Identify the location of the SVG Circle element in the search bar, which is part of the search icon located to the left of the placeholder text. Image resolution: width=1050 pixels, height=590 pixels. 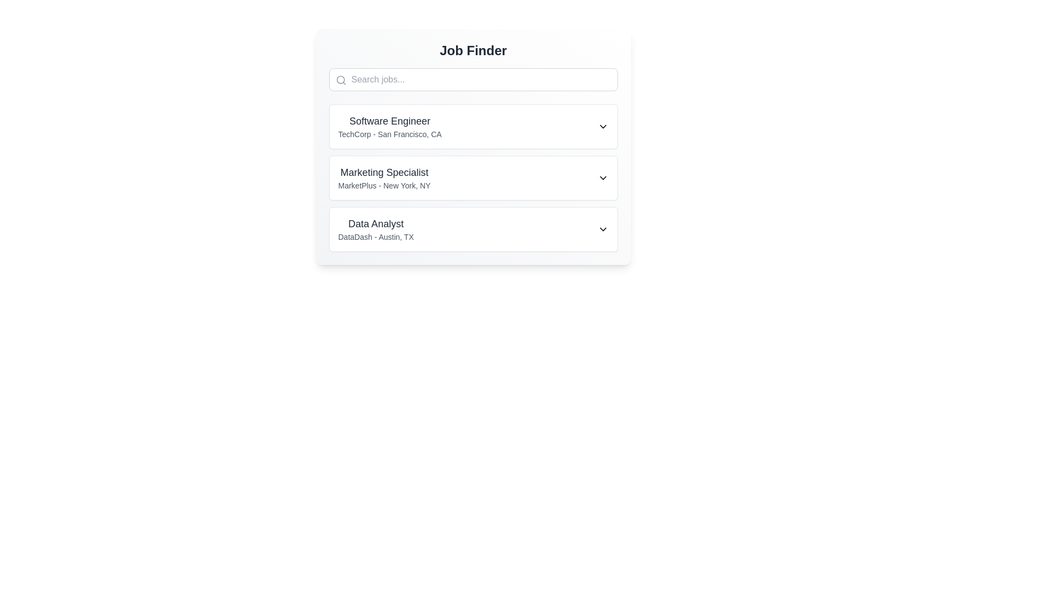
(340, 79).